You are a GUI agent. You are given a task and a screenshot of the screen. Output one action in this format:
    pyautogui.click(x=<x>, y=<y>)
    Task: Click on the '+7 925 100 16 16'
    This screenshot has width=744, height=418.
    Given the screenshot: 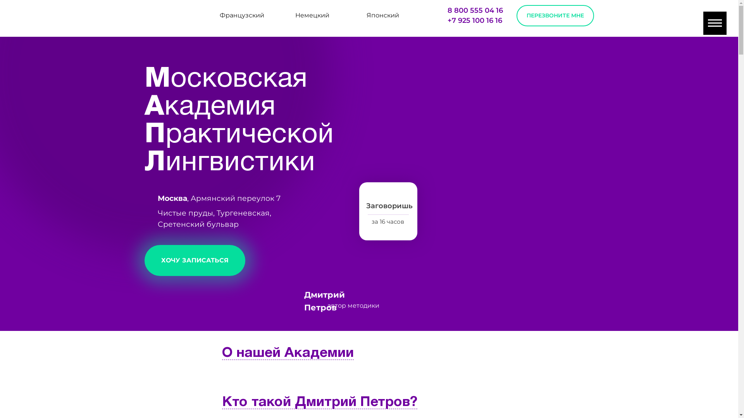 What is the action you would take?
    pyautogui.click(x=474, y=20)
    